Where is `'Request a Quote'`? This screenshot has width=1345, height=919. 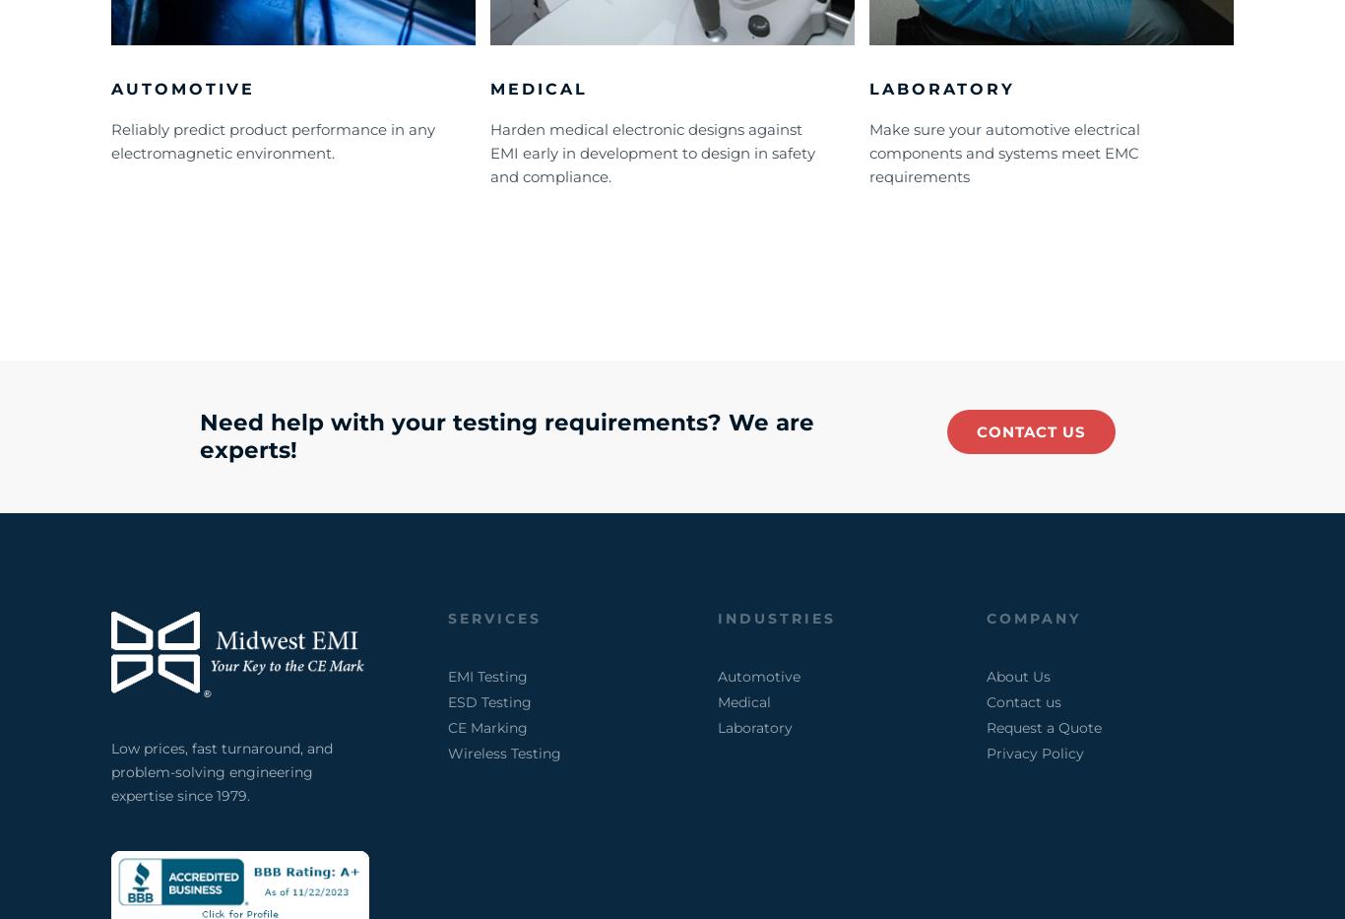
'Request a Quote' is located at coordinates (1043, 727).